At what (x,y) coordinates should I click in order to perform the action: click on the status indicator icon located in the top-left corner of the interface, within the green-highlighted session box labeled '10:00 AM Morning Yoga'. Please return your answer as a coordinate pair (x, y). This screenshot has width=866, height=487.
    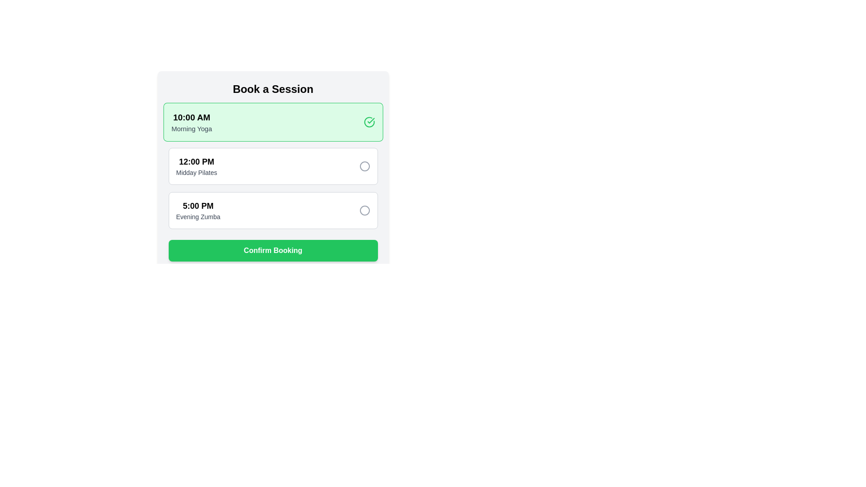
    Looking at the image, I should click on (371, 120).